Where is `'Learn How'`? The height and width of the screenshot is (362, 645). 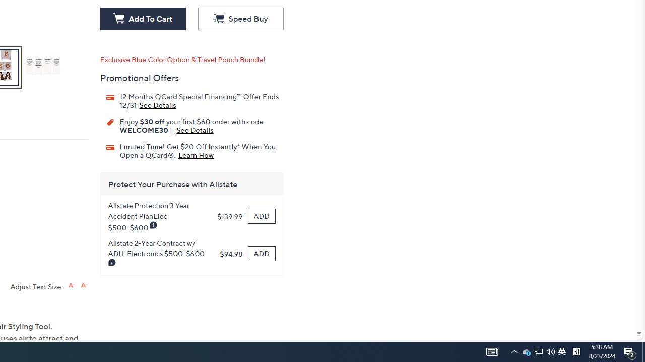 'Learn How' is located at coordinates (196, 154).